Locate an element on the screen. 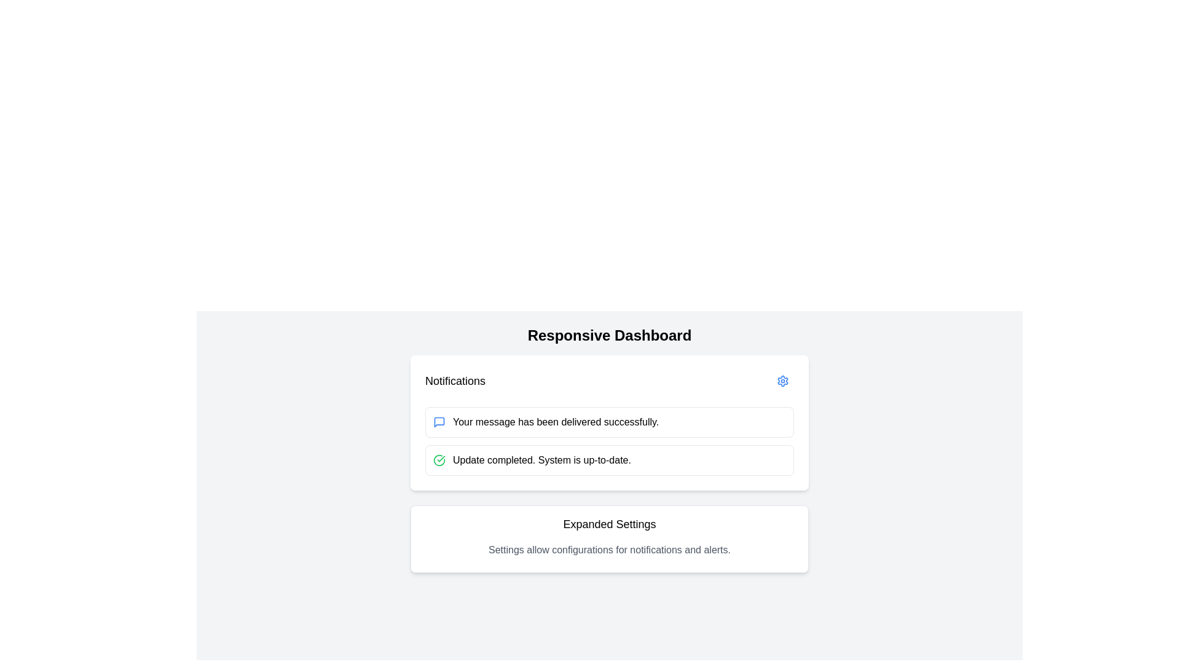  the static text providing descriptive information about the 'Expanded Settings' section, which is positioned below the 'Expanded Settings' heading within a white rectangular box is located at coordinates (610, 549).